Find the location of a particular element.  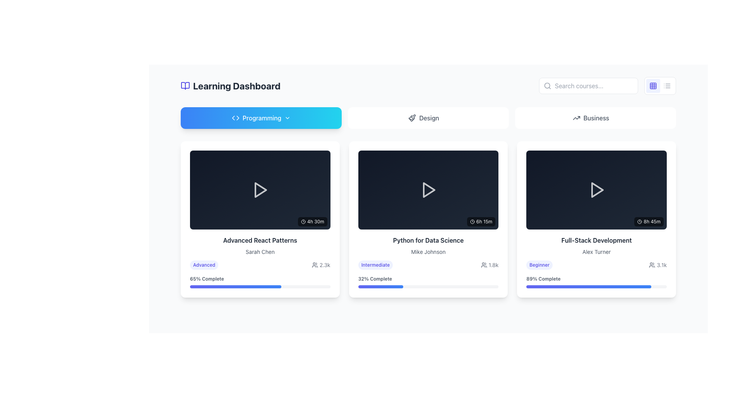

the Label with icon displaying '8h 45m' duration in the bottom-right corner of the 'Full-Stack Development' card is located at coordinates (649, 221).